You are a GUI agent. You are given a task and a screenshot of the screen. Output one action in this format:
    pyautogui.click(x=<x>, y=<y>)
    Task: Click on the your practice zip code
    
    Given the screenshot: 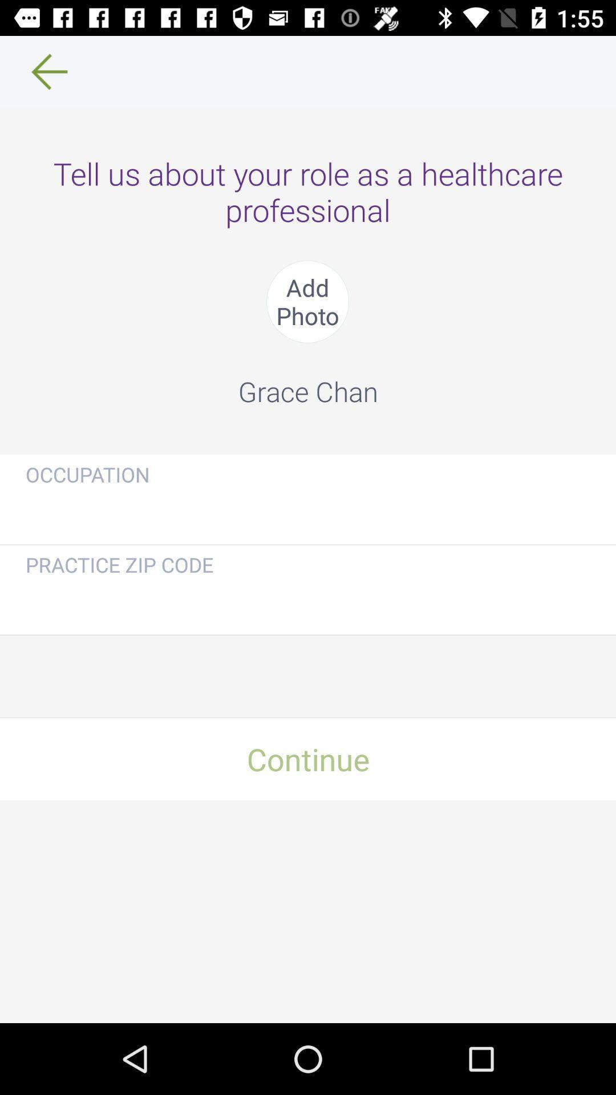 What is the action you would take?
    pyautogui.click(x=308, y=602)
    